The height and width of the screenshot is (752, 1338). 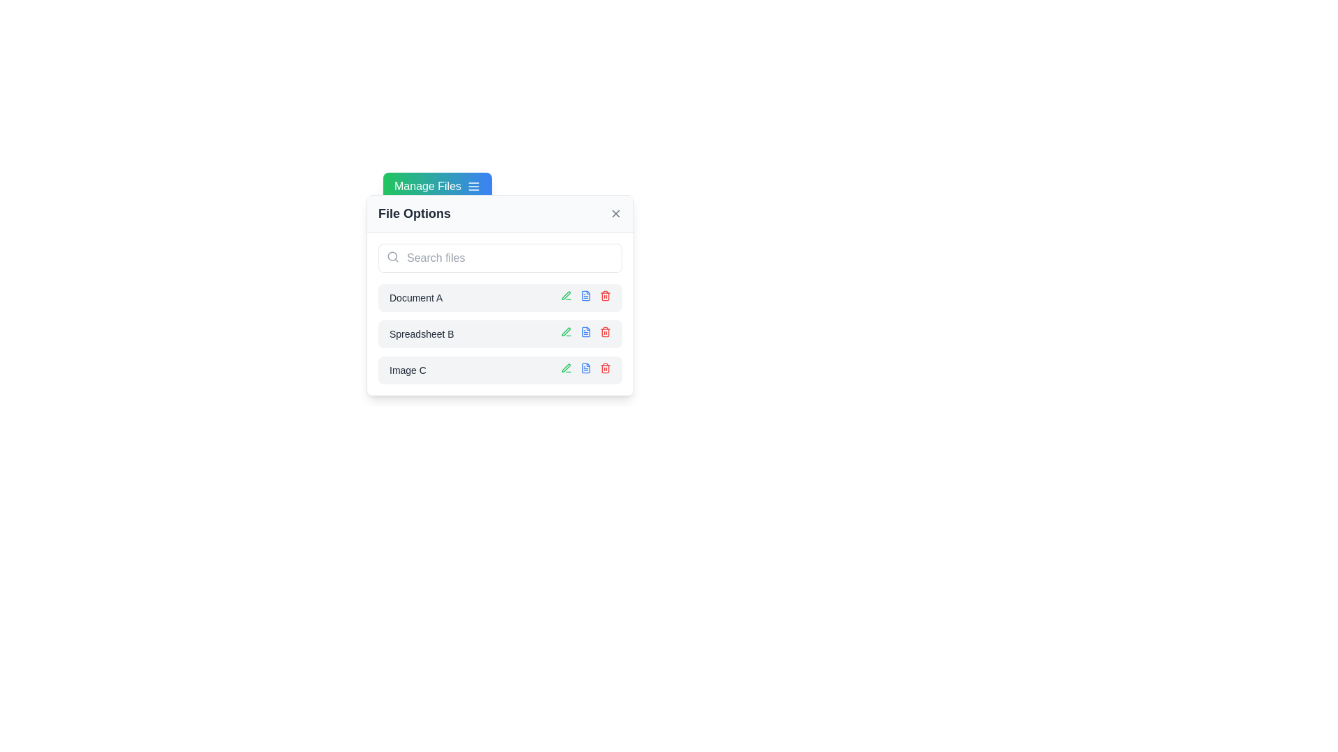 I want to click on the interactive file icon located between the green edit icon and the red delete icon, so click(x=585, y=332).